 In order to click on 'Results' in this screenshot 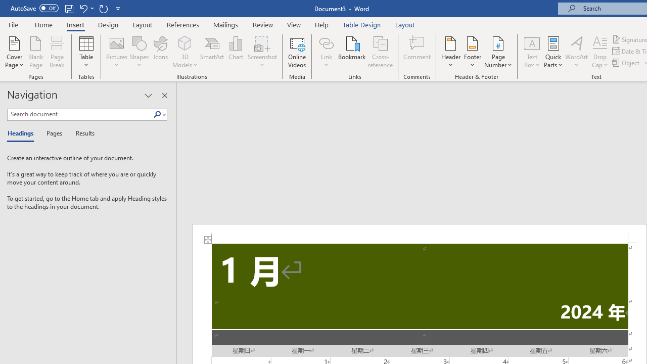, I will do `click(81, 133)`.